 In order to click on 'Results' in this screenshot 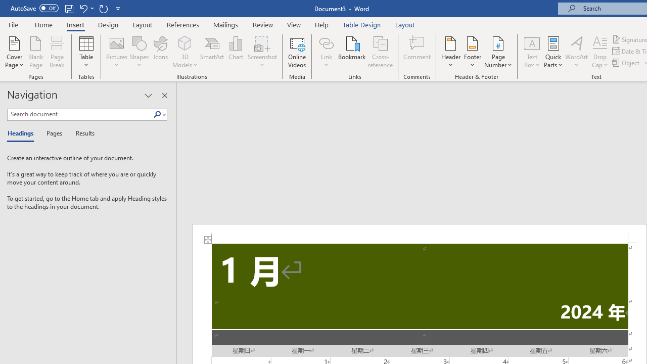, I will do `click(81, 133)`.